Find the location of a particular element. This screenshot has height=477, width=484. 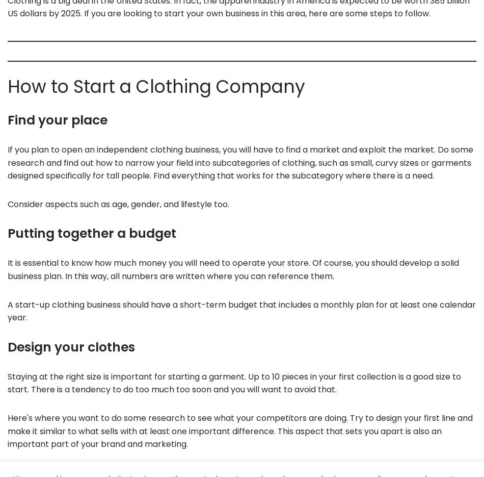

'If you plan to open an independent clothing business, you will have to find a market and exploit the market. Do some research and find out how to narrow your field into subcategories of clothing, such as small, curvy sizes or garments designed specifically for tall people. Find everything that works for the subcategory where there is a need.' is located at coordinates (239, 163).